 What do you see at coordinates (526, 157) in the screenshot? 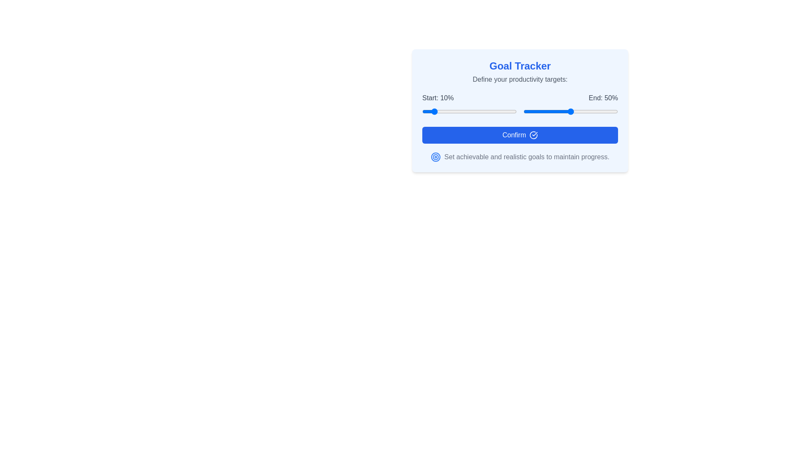
I see `the informational Text label that provides guidance on setting goals, positioned next to a target symbol icon and beneath the 'Confirm' button` at bounding box center [526, 157].